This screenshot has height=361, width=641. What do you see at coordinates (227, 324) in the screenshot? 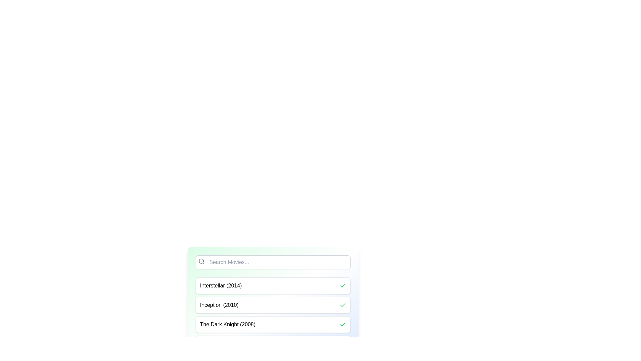
I see `the text label displaying the movie title 'The Dark Knight (2008)' to indicate selection` at bounding box center [227, 324].